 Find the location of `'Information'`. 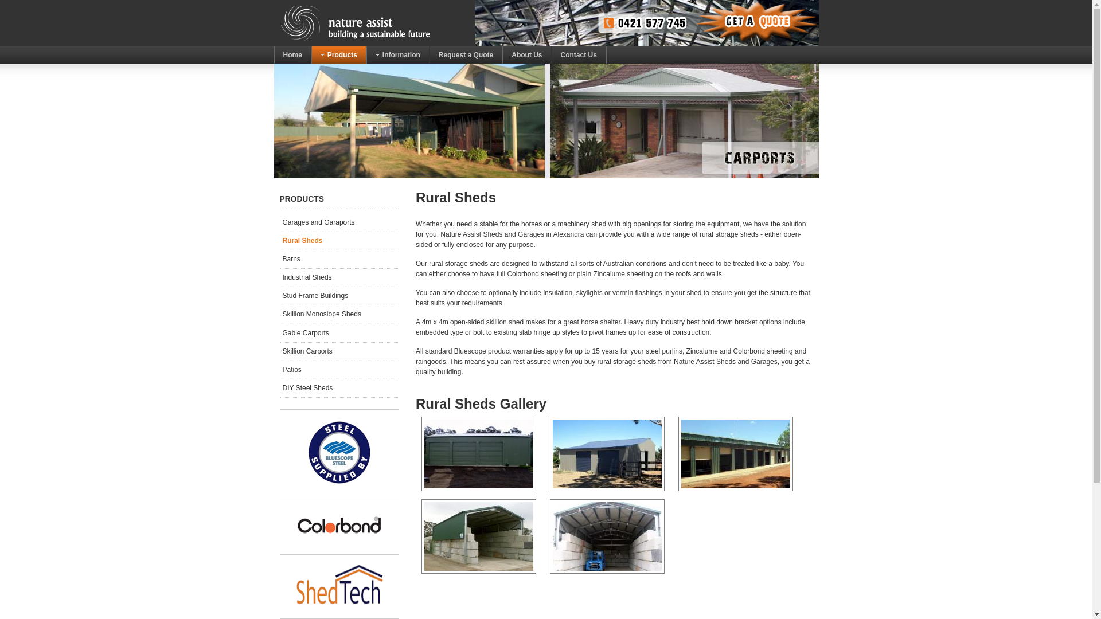

'Information' is located at coordinates (398, 55).